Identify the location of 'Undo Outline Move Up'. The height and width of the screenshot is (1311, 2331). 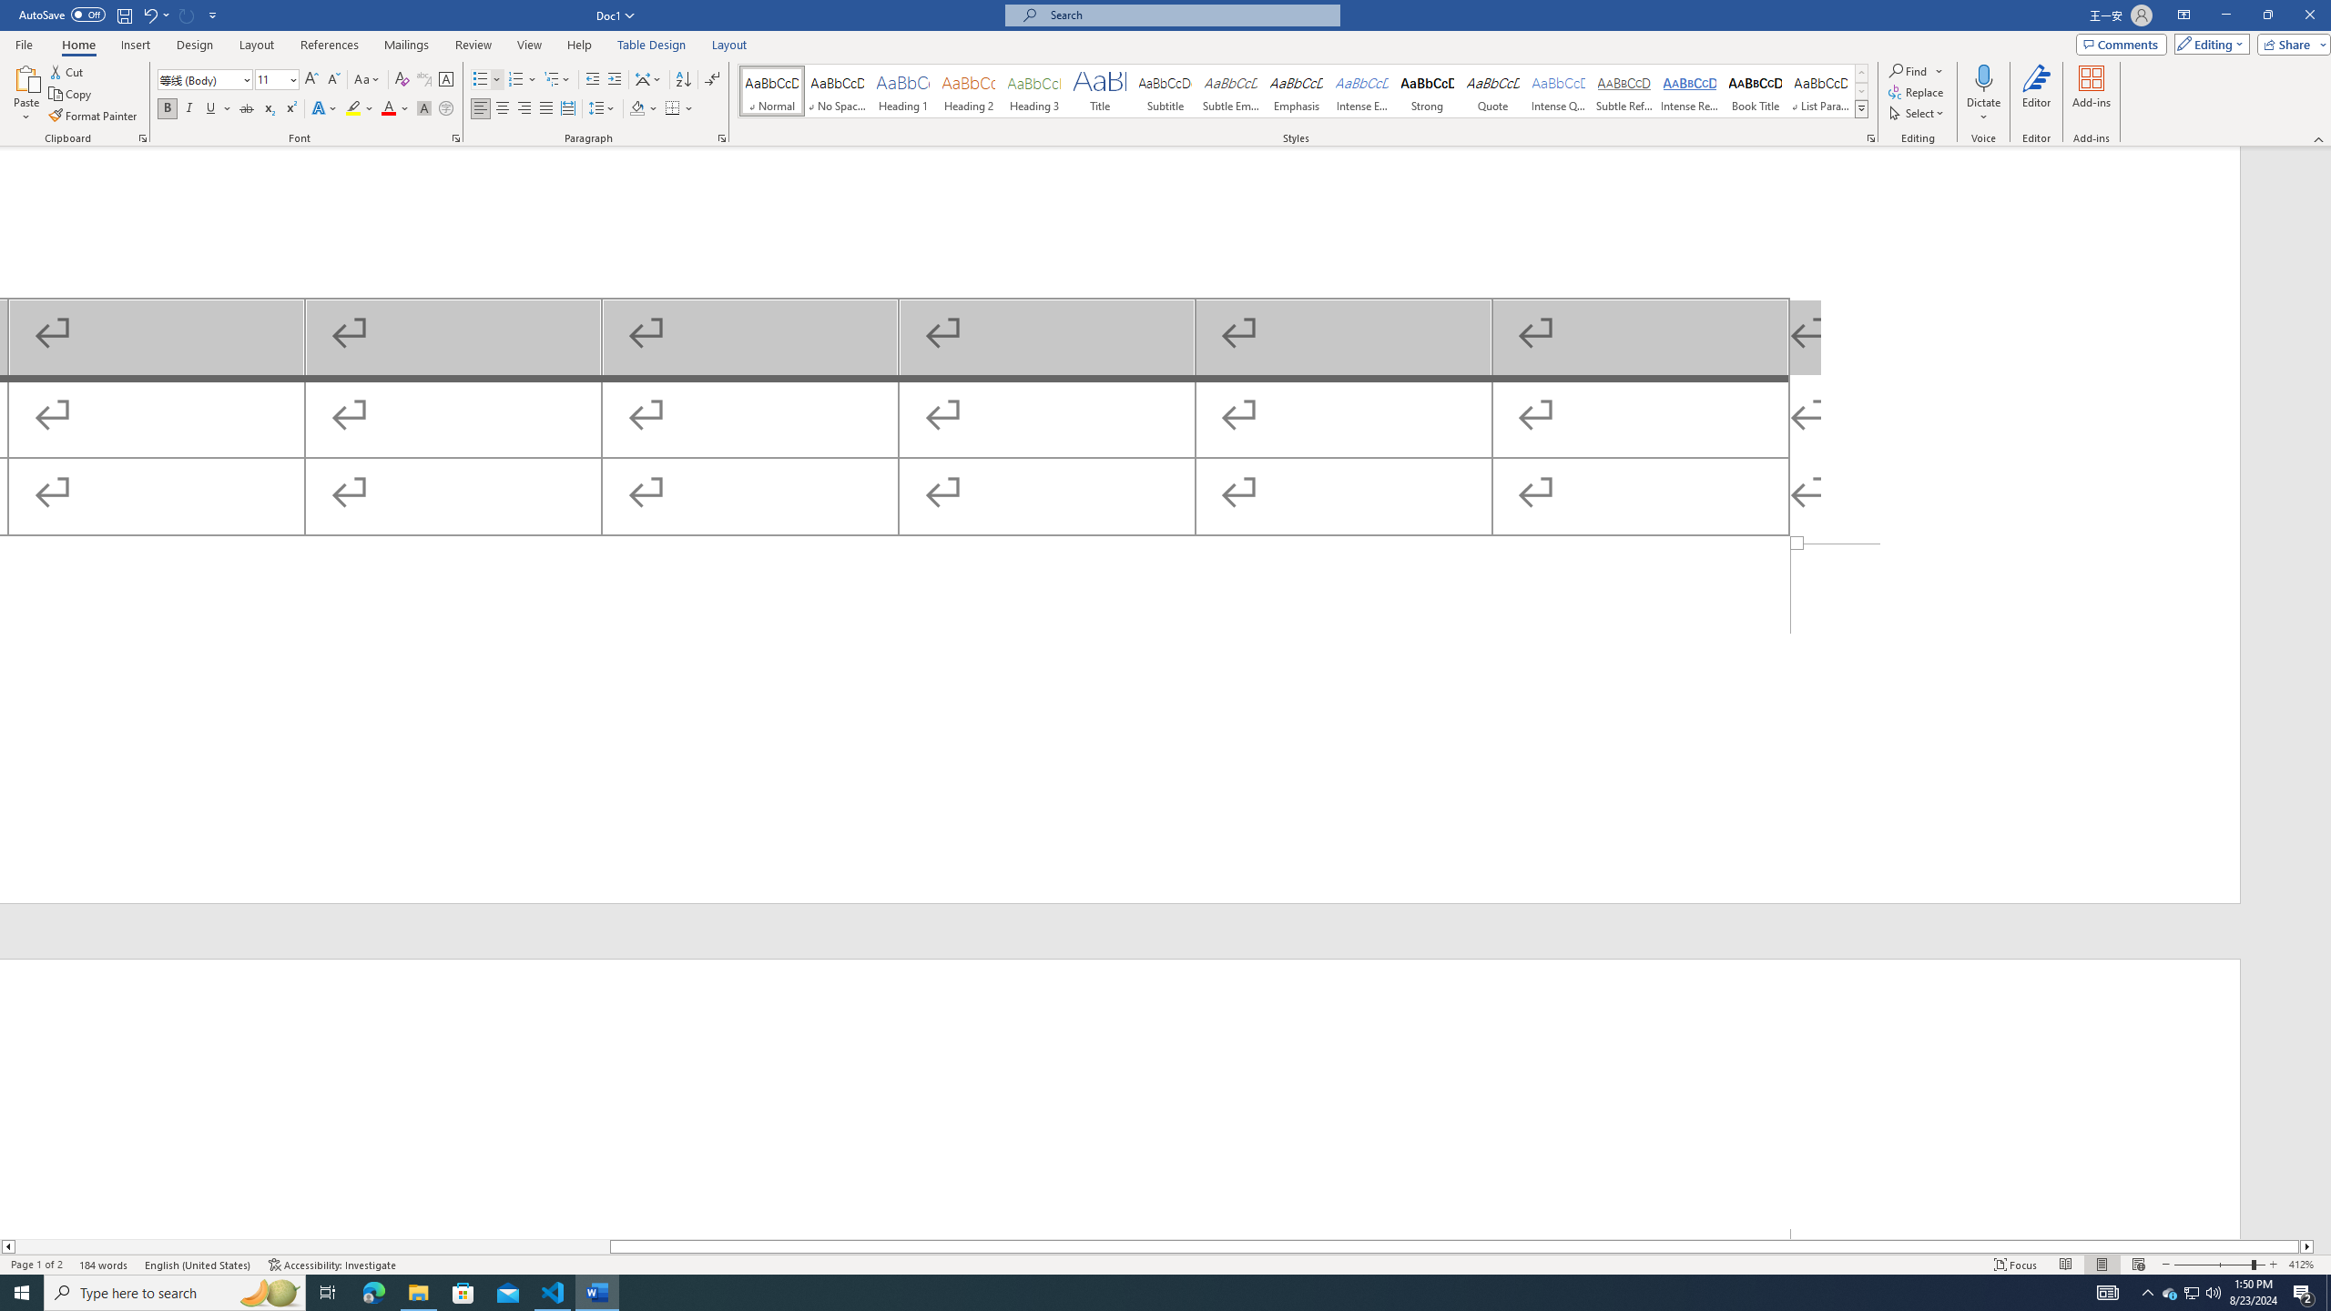
(148, 14).